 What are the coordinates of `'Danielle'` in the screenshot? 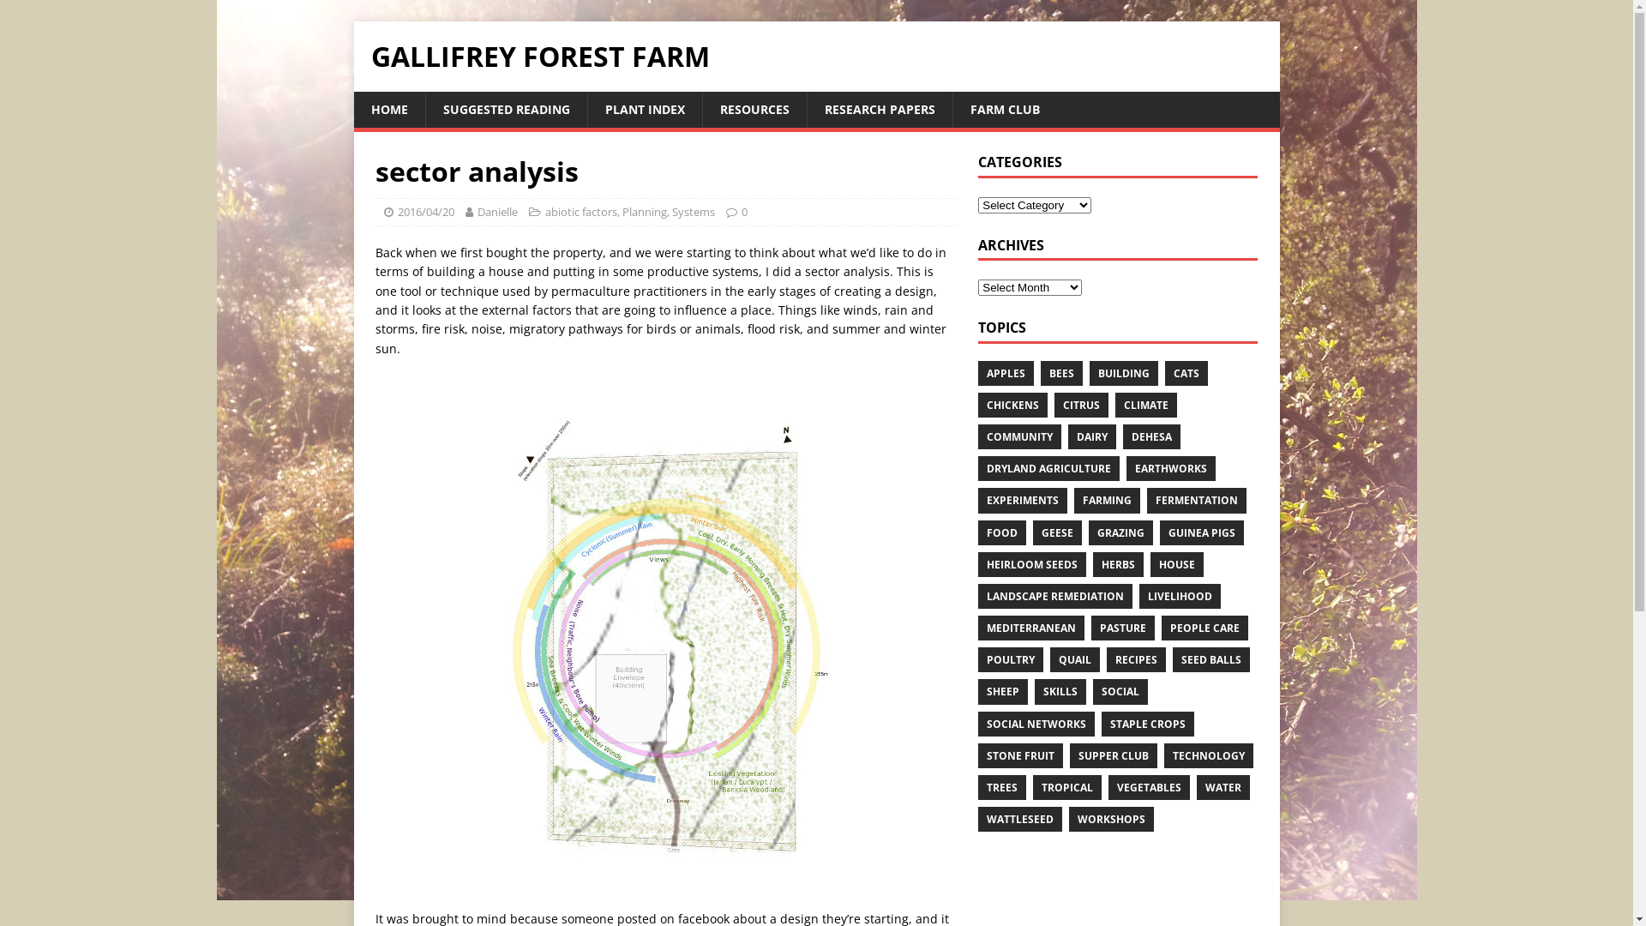 It's located at (496, 210).